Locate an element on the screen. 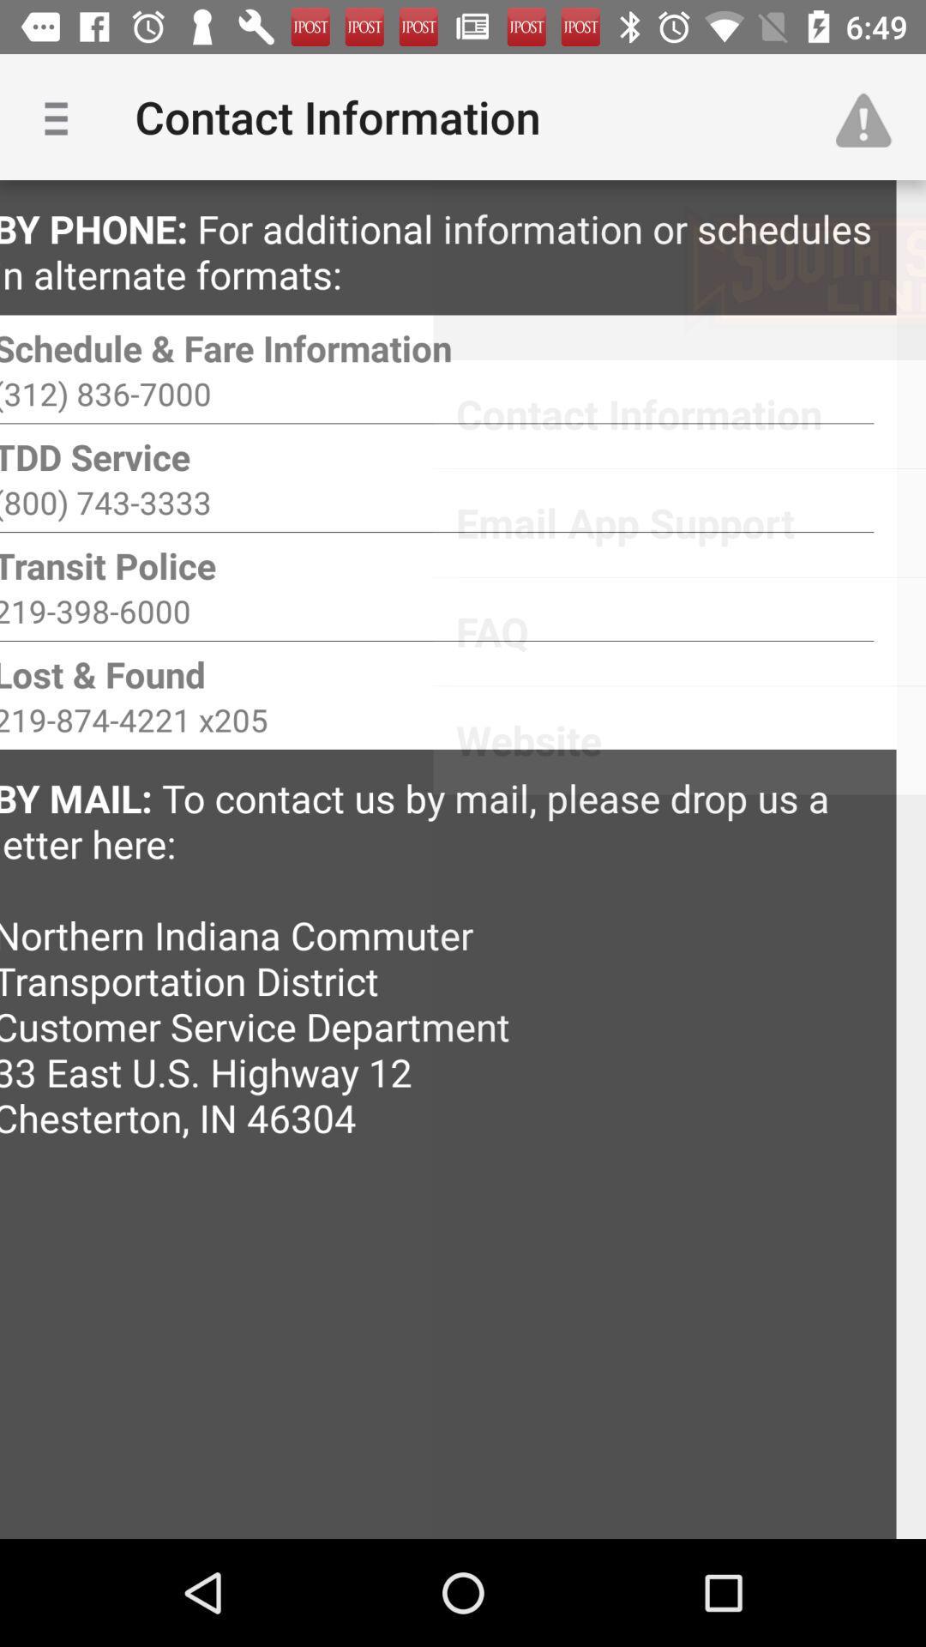 The image size is (926, 1647). item to the right of contact information is located at coordinates (872, 116).